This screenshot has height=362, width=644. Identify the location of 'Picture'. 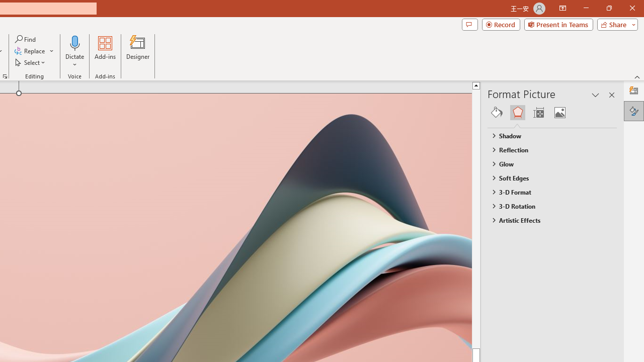
(559, 112).